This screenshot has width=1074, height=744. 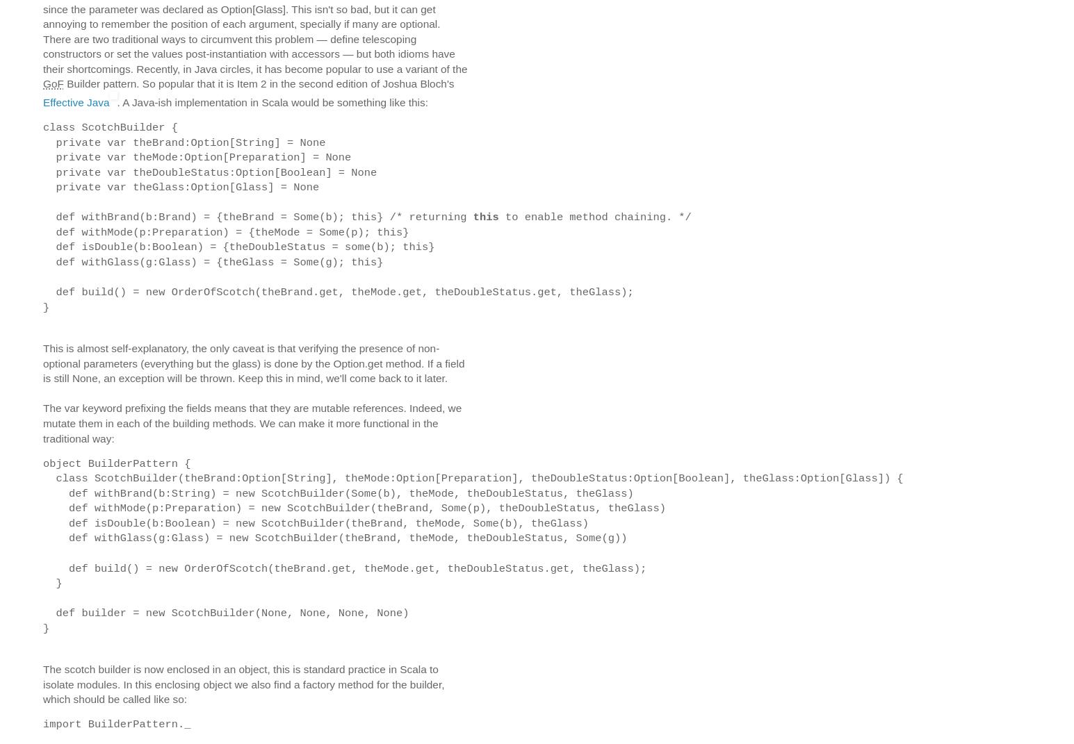 I want to click on 'private var theMode:Option[Preparation] = None', so click(x=42, y=157).